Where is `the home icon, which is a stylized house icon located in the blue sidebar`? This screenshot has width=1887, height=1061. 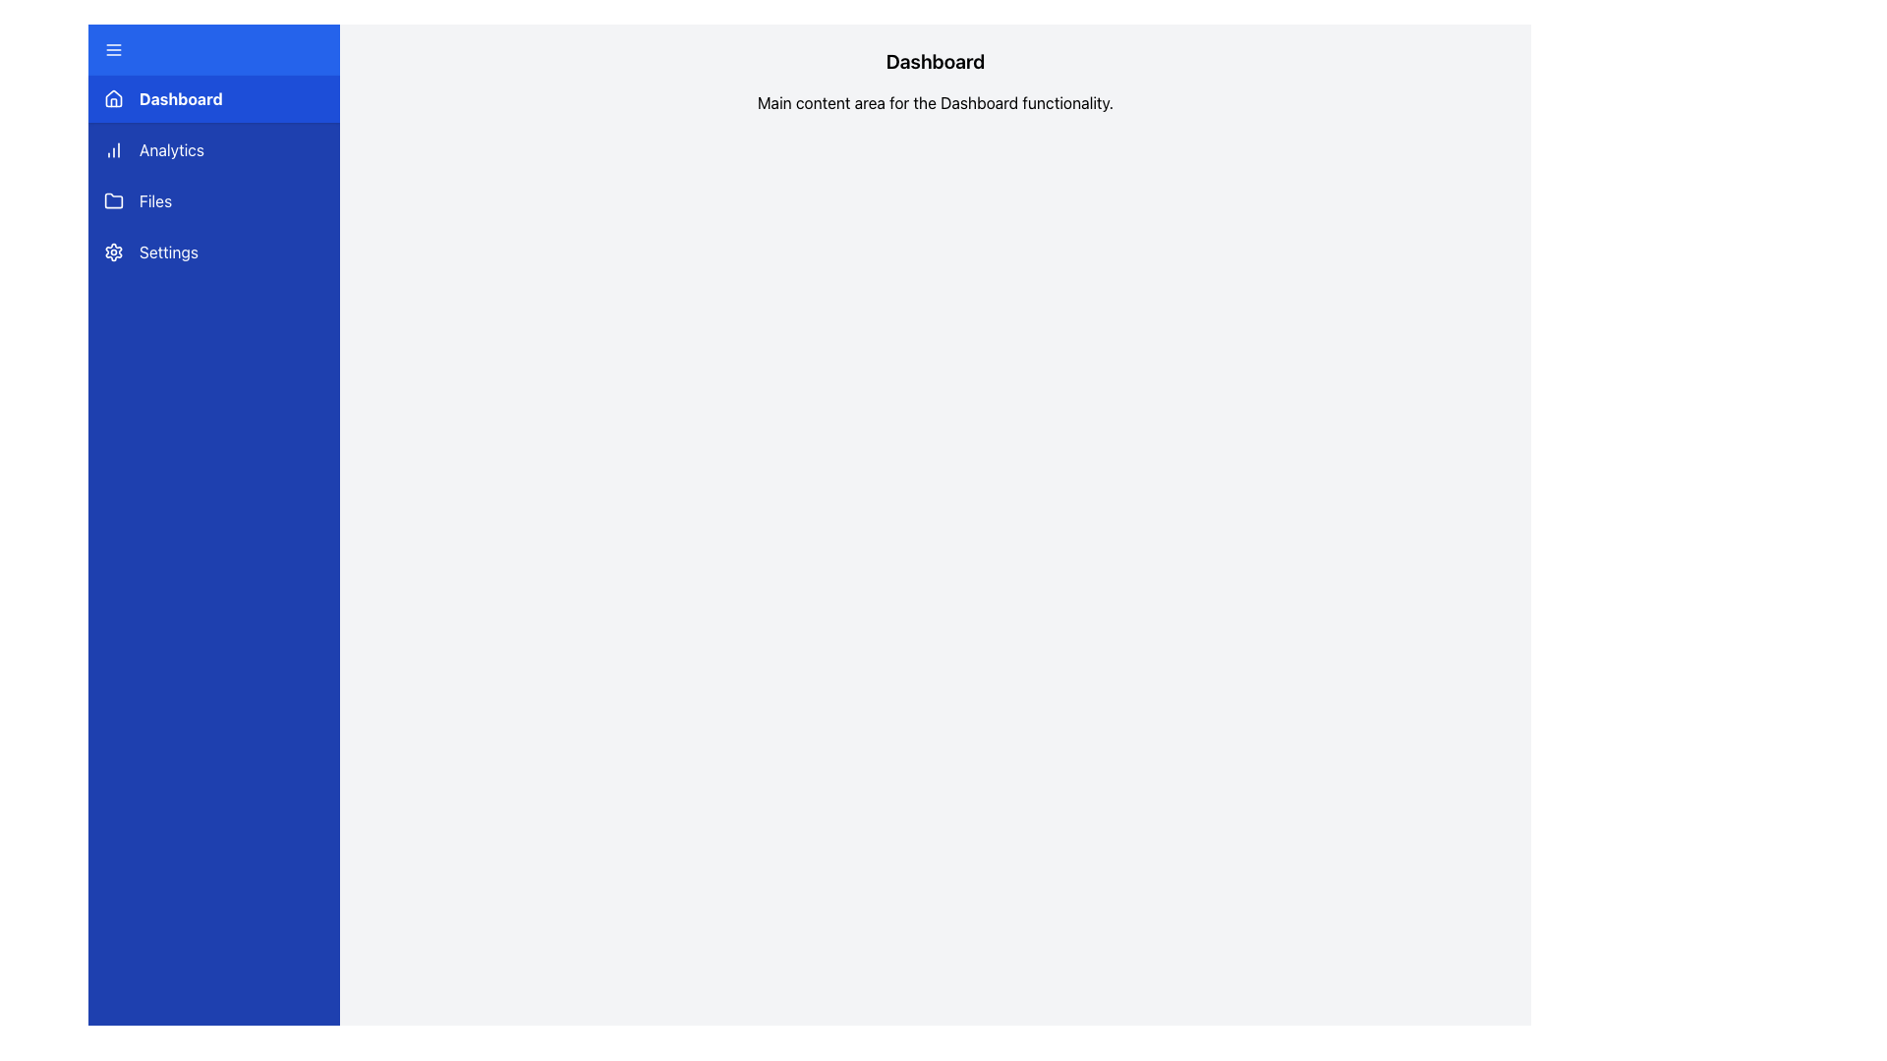
the home icon, which is a stylized house icon located in the blue sidebar is located at coordinates (112, 98).